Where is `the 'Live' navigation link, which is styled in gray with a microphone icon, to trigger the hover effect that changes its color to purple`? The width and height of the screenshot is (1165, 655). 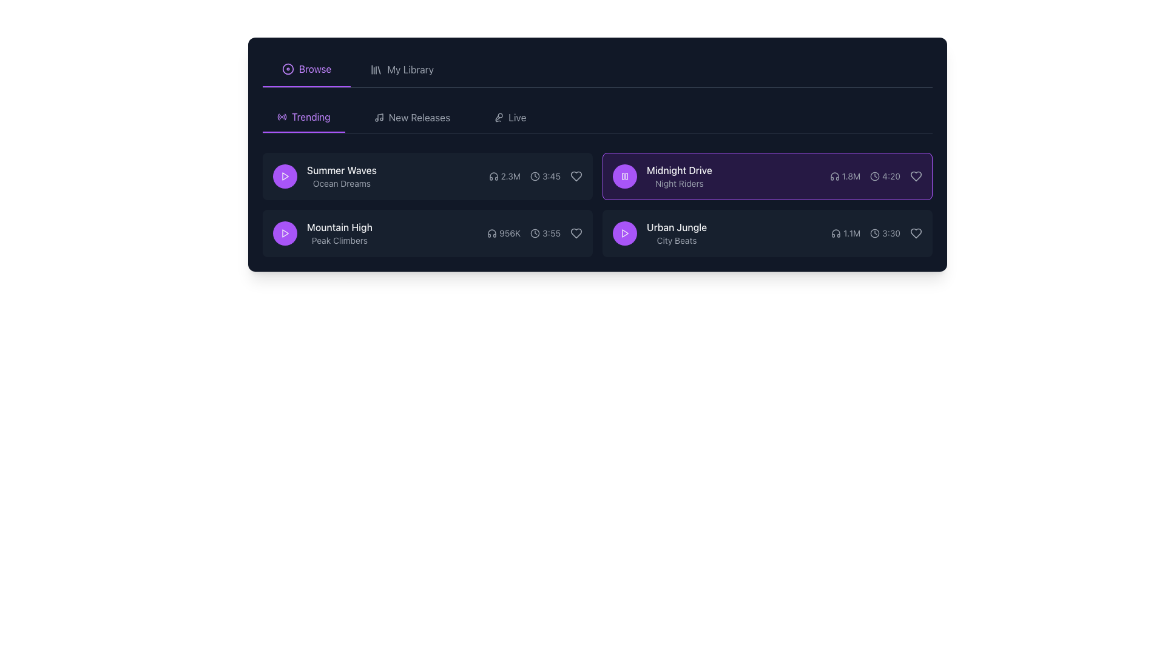
the 'Live' navigation link, which is styled in gray with a microphone icon, to trigger the hover effect that changes its color to purple is located at coordinates (510, 117).